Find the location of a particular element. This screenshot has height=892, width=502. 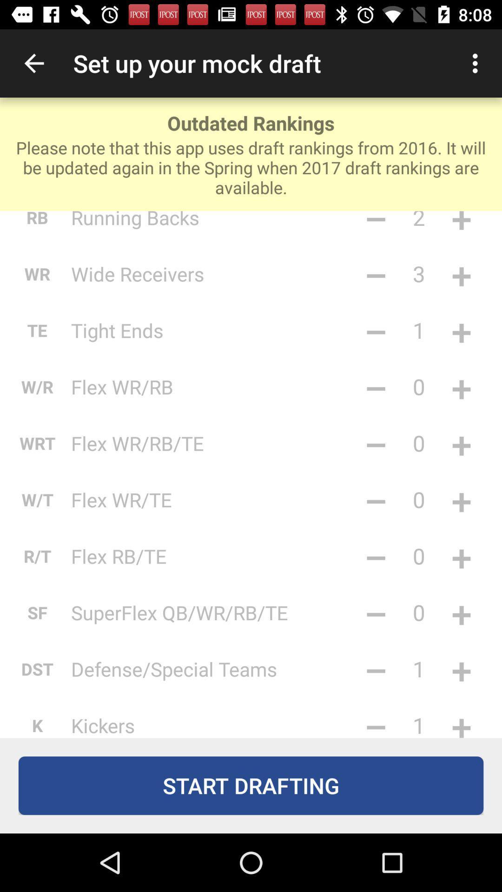

icon next to set up your item is located at coordinates (477, 63).